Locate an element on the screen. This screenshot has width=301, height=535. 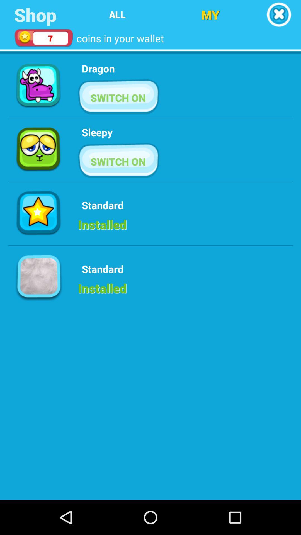
the dragon item is located at coordinates (98, 68).